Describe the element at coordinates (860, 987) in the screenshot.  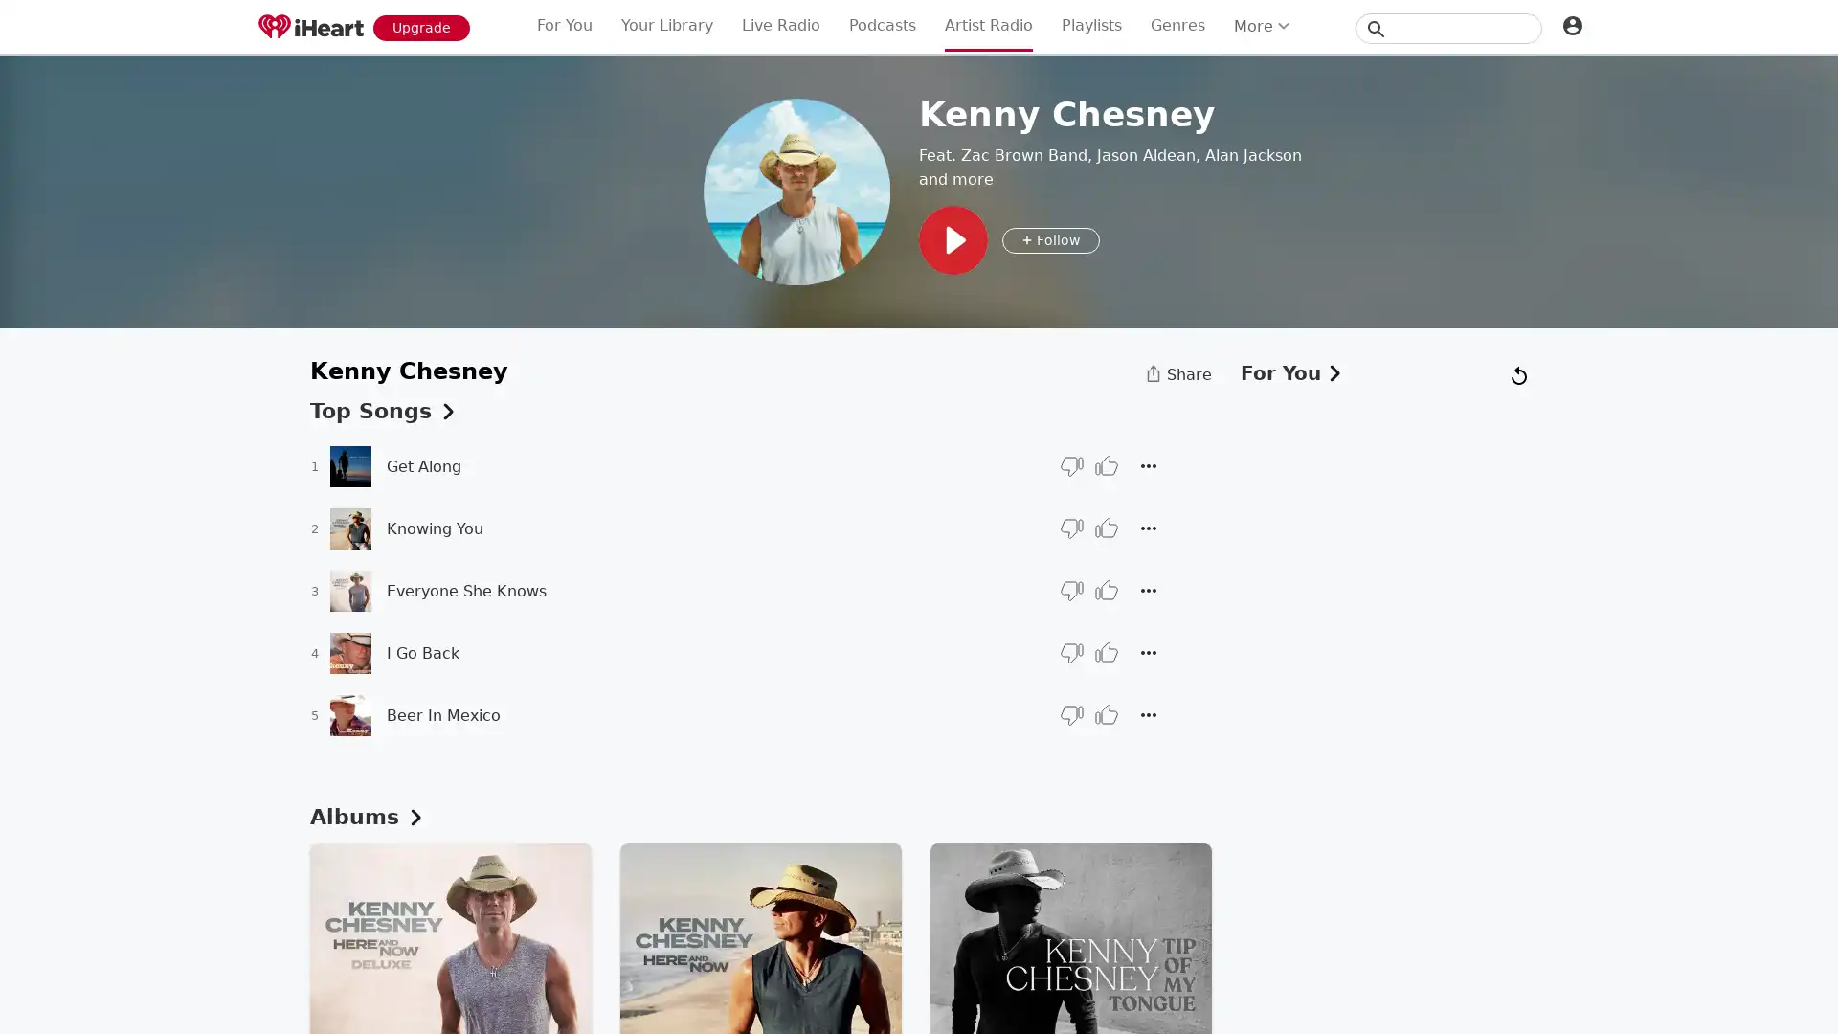
I see `Replay Button` at that location.